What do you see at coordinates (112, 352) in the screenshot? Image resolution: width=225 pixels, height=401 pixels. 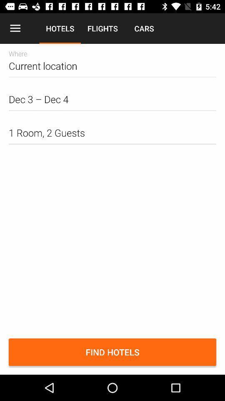 I see `the find hotels item` at bounding box center [112, 352].